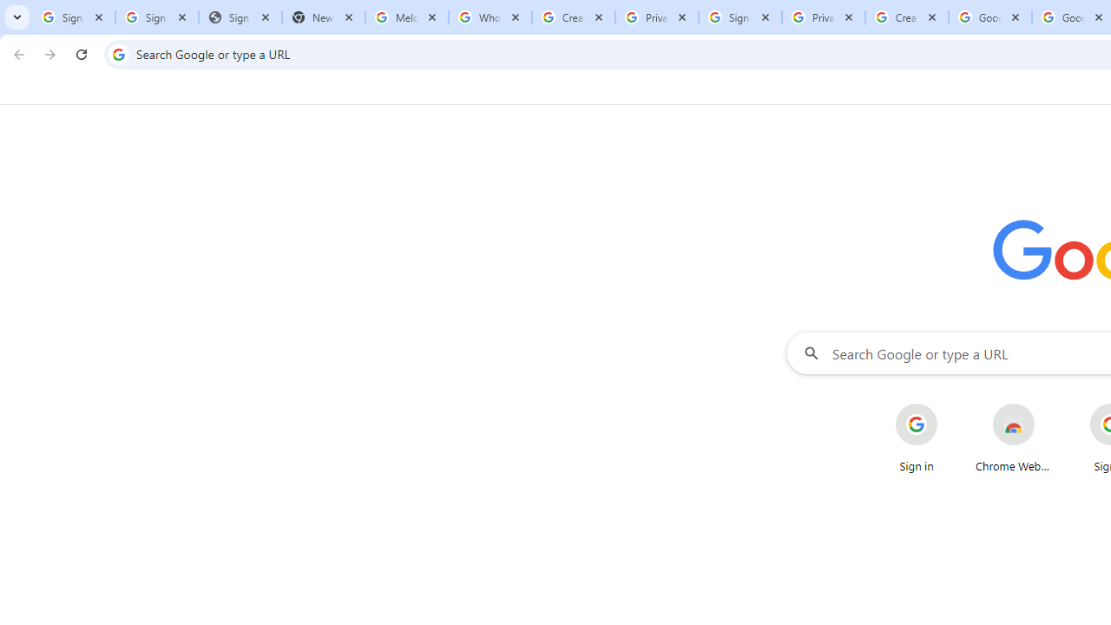 The width and height of the screenshot is (1111, 625). I want to click on 'New Tab', so click(324, 17).